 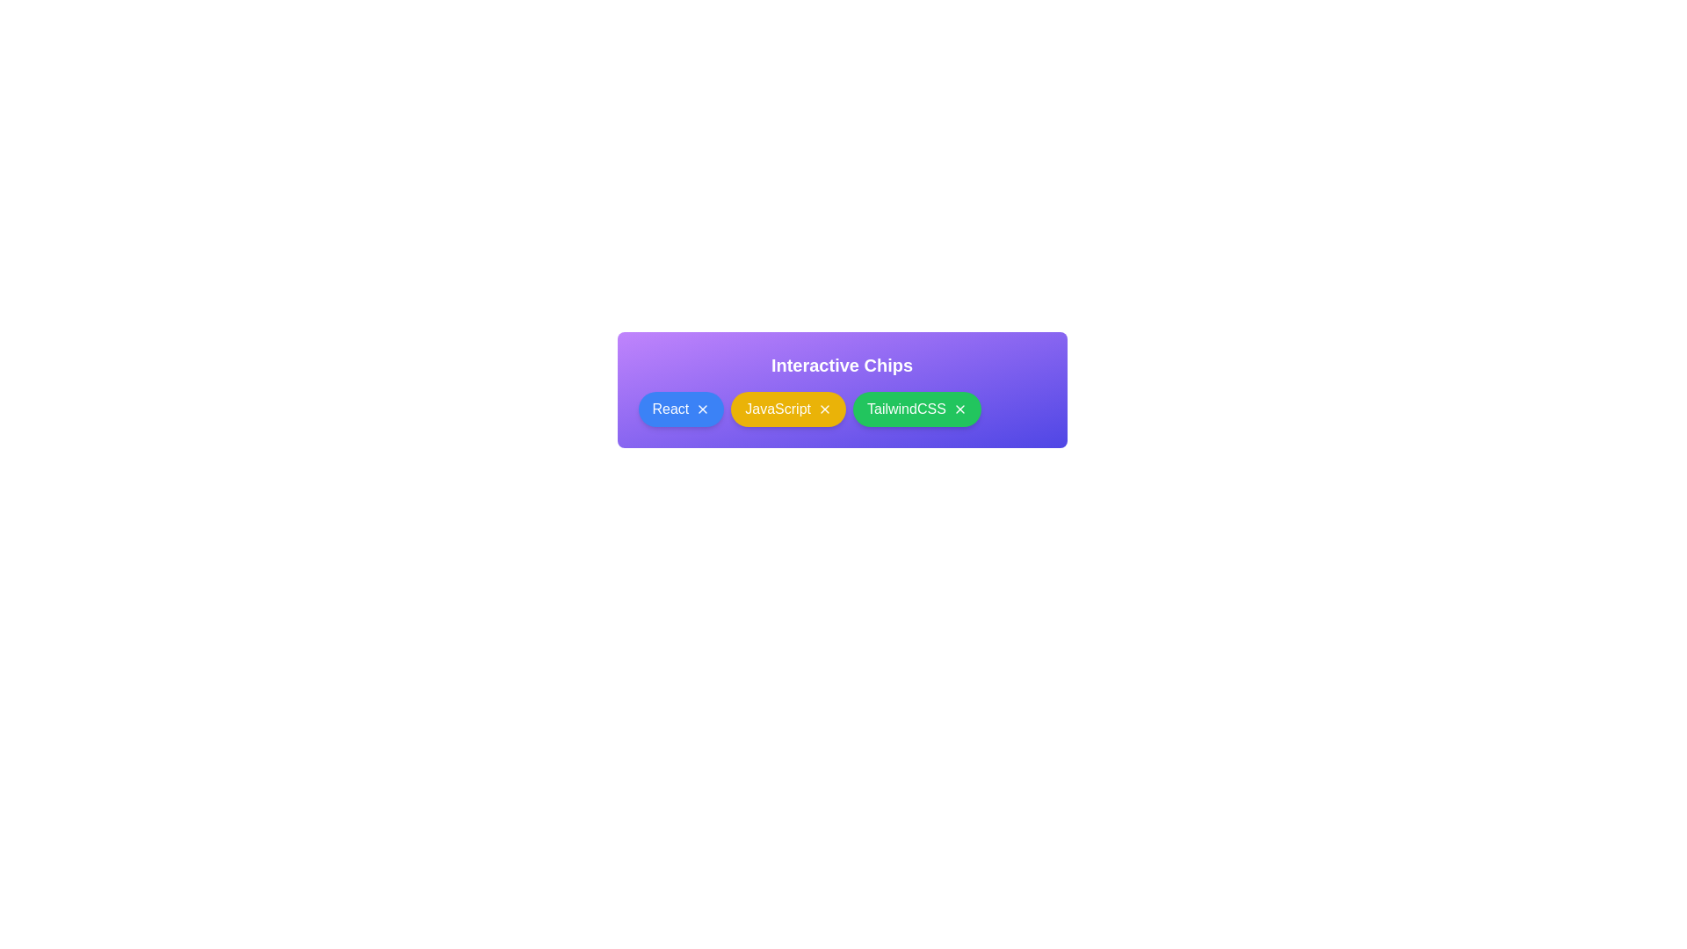 I want to click on close button on the chip labeled JavaScript, so click(x=824, y=409).